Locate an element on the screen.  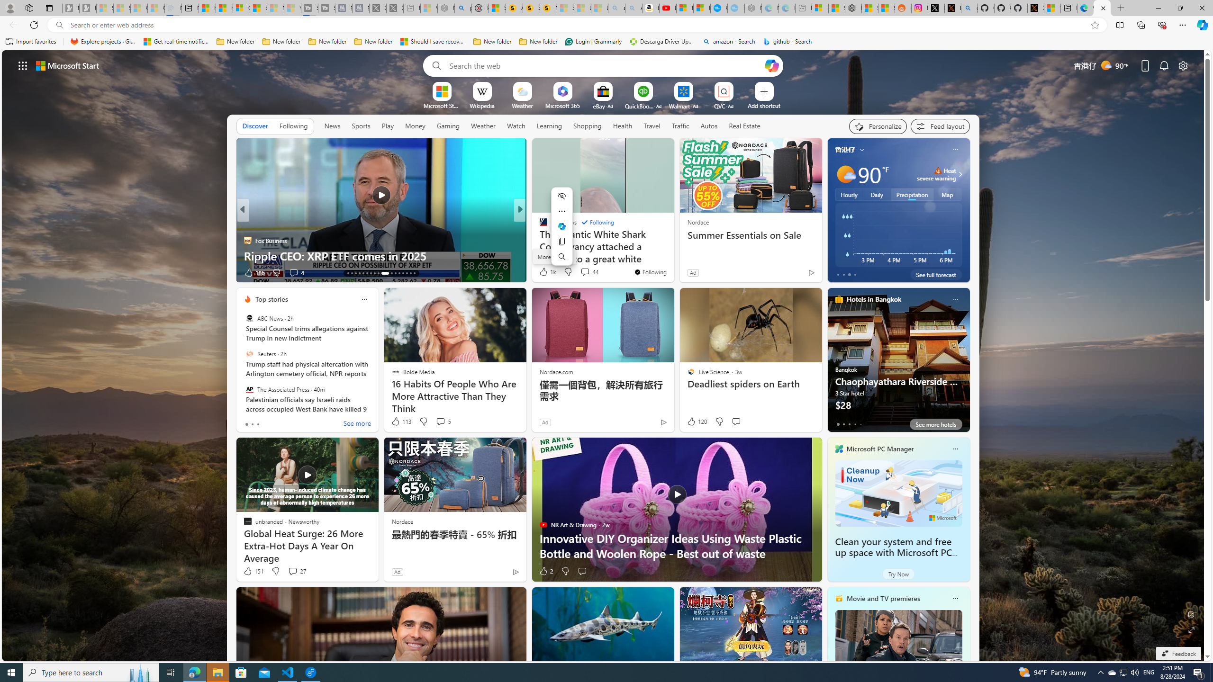
'AutomationID: tab-14' is located at coordinates (351, 273).